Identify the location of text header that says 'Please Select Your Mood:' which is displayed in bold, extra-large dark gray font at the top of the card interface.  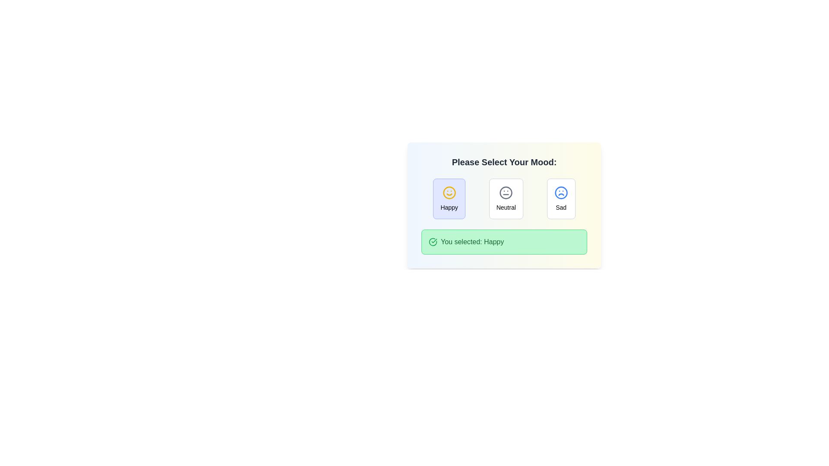
(504, 162).